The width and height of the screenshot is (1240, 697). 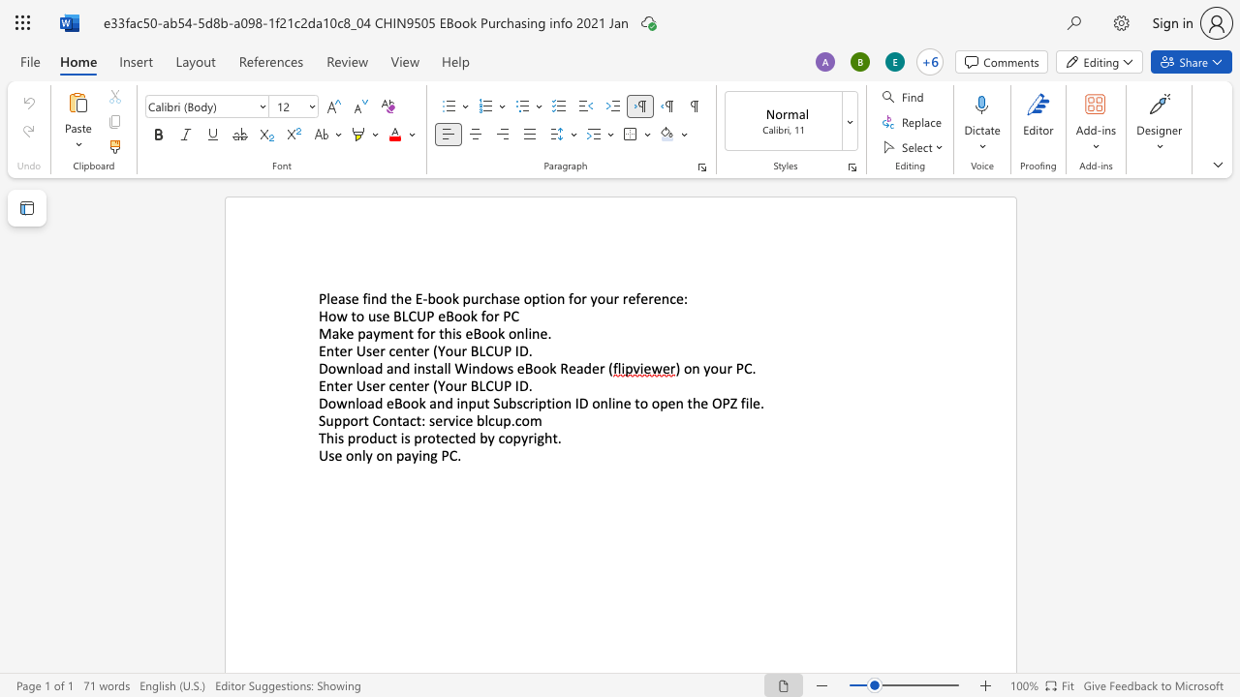 I want to click on the 1th character "l" in the text, so click(x=328, y=298).